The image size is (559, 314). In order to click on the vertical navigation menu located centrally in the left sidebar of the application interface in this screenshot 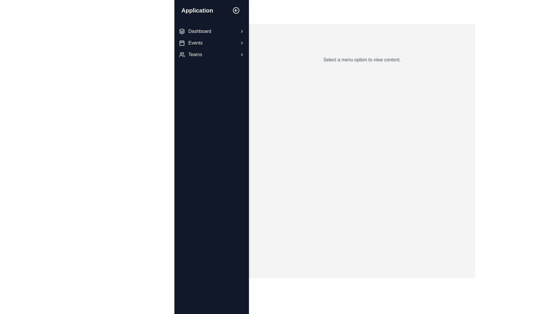, I will do `click(211, 42)`.